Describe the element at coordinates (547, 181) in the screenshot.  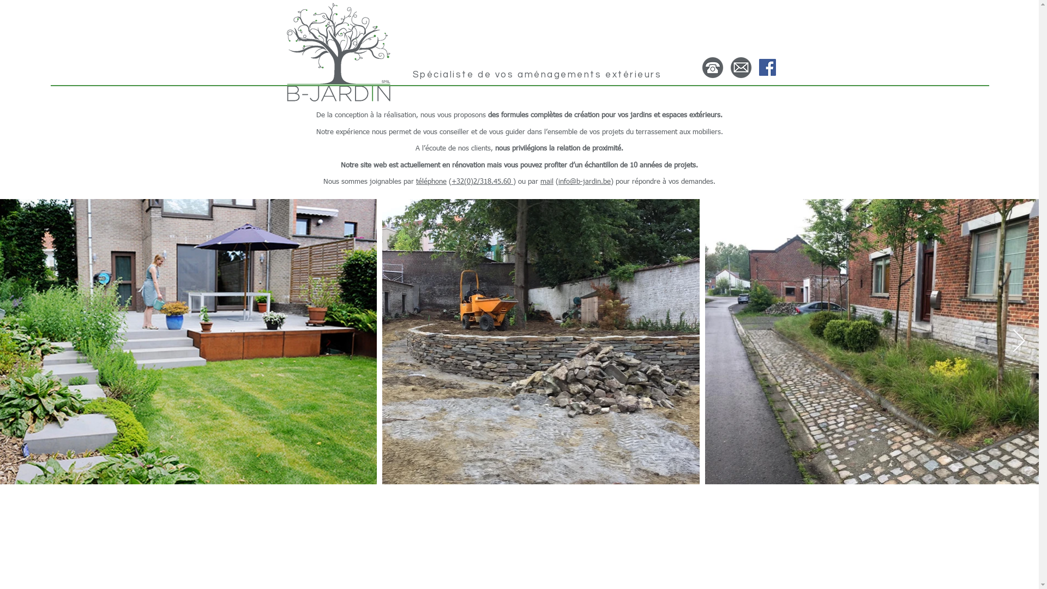
I see `'mail'` at that location.